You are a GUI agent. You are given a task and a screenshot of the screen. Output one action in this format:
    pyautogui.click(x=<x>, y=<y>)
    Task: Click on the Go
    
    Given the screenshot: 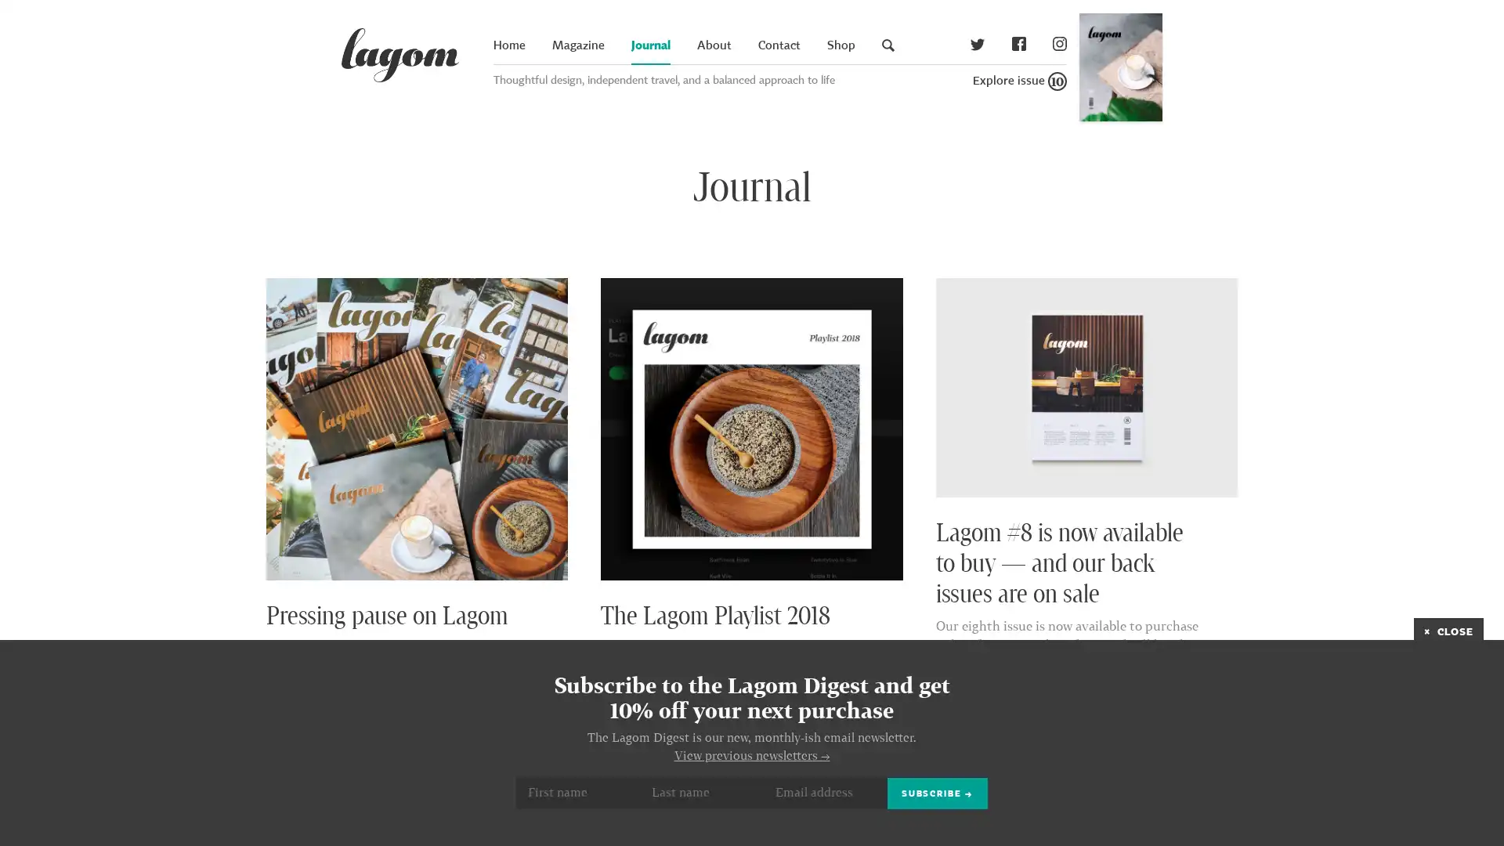 What is the action you would take?
    pyautogui.click(x=1224, y=62)
    